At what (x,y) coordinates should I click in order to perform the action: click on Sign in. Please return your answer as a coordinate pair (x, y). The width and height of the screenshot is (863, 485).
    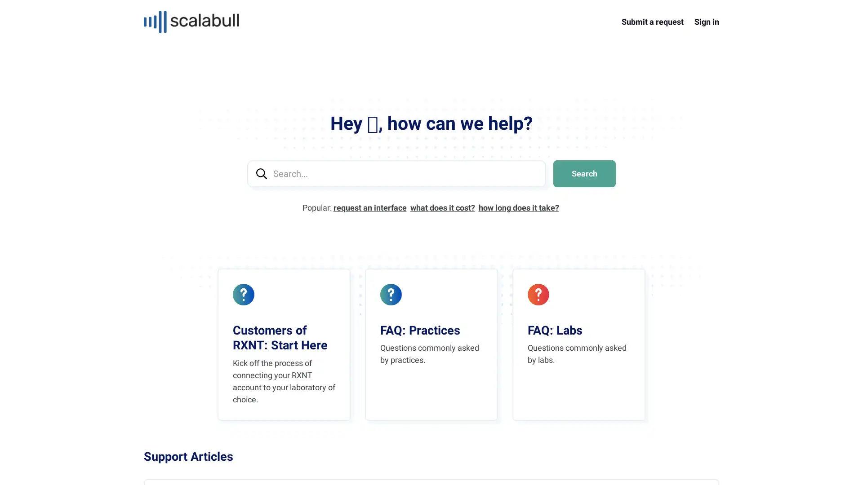
    Looking at the image, I should click on (706, 21).